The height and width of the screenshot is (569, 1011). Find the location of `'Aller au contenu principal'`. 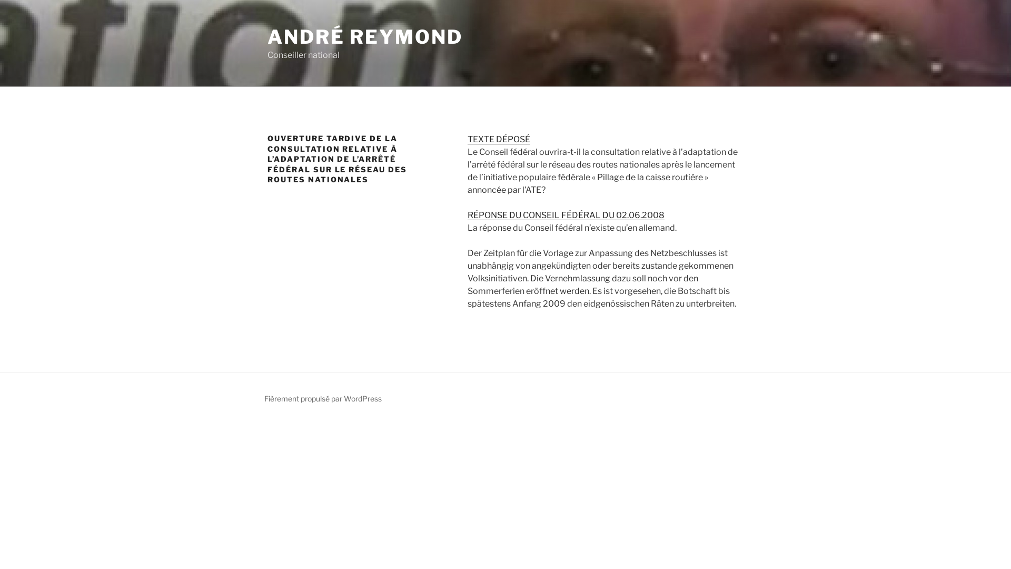

'Aller au contenu principal' is located at coordinates (0, 0).